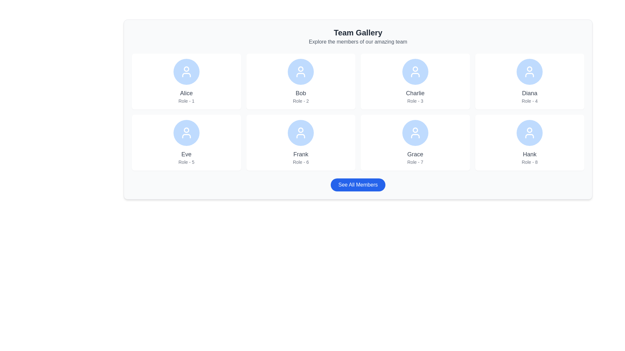 The image size is (625, 351). What do you see at coordinates (186, 81) in the screenshot?
I see `the user information card for 'Alice', which is the first card in the first column of the user cards grid layout` at bounding box center [186, 81].